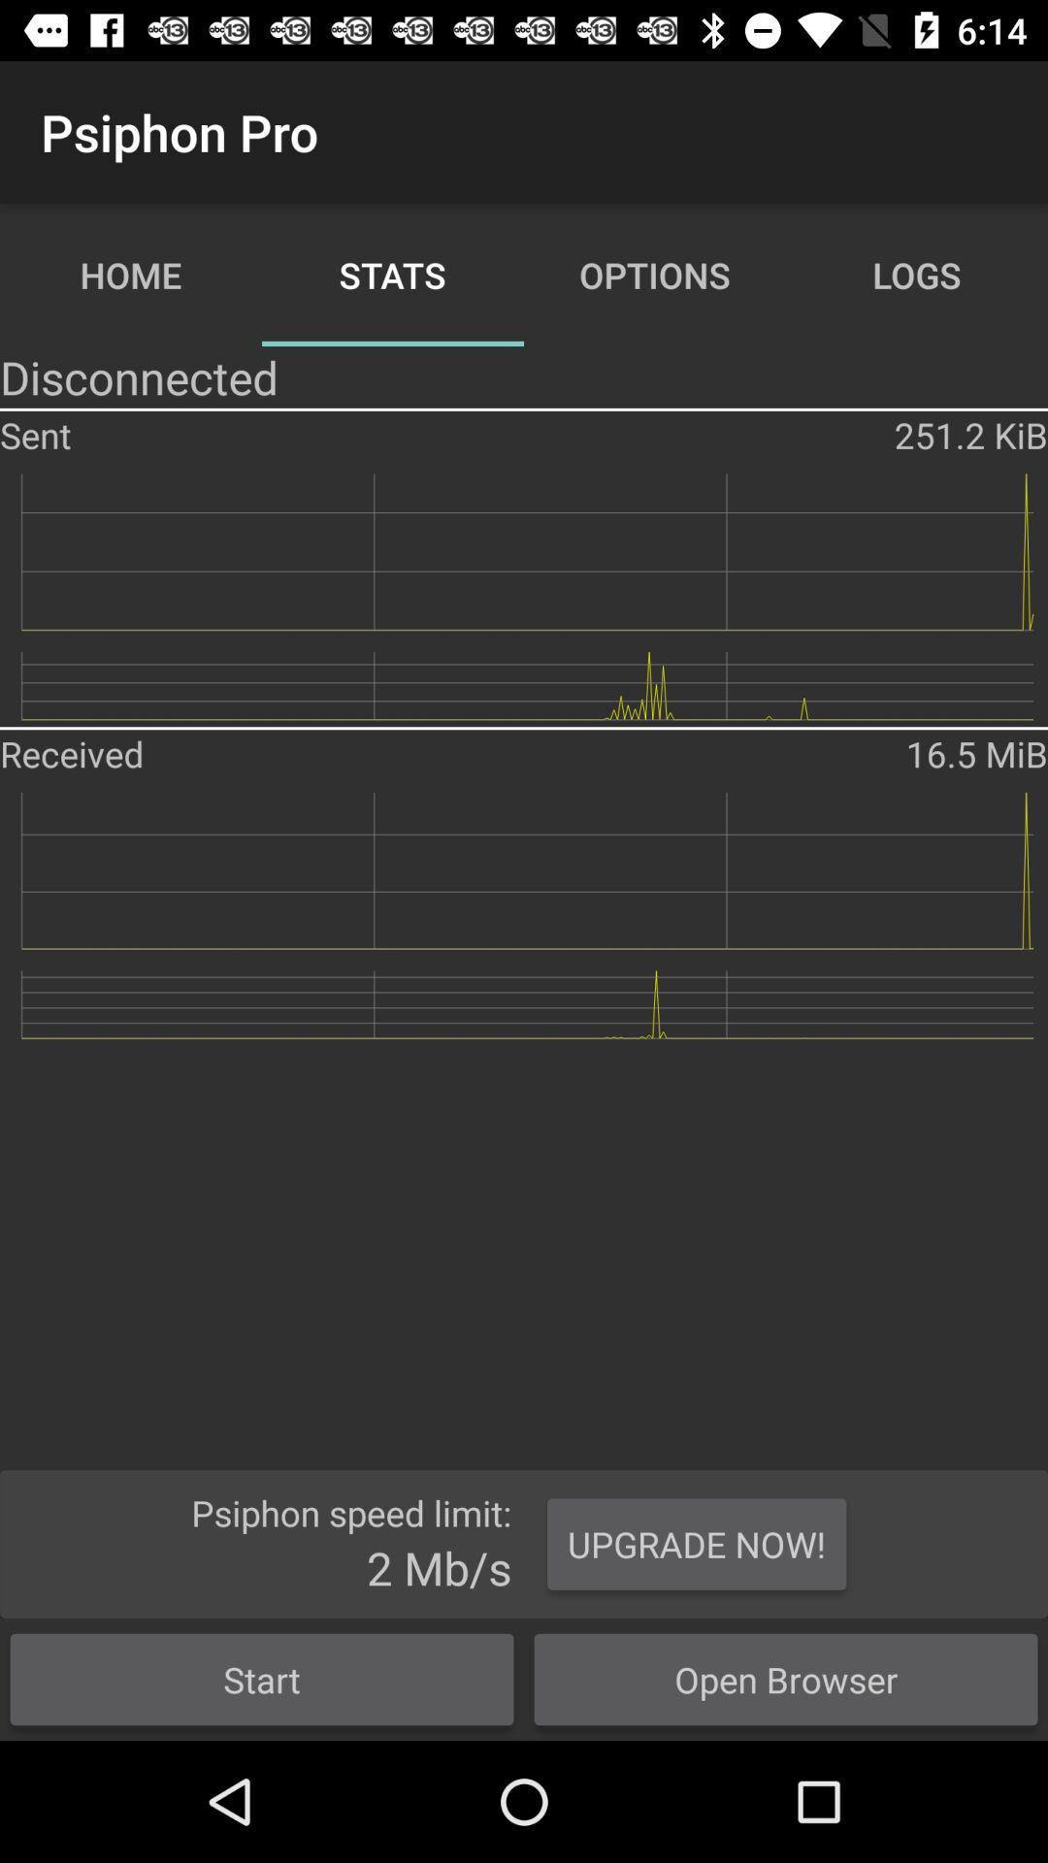 The width and height of the screenshot is (1048, 1863). What do you see at coordinates (696, 1543) in the screenshot?
I see `the icon above the open browser` at bounding box center [696, 1543].